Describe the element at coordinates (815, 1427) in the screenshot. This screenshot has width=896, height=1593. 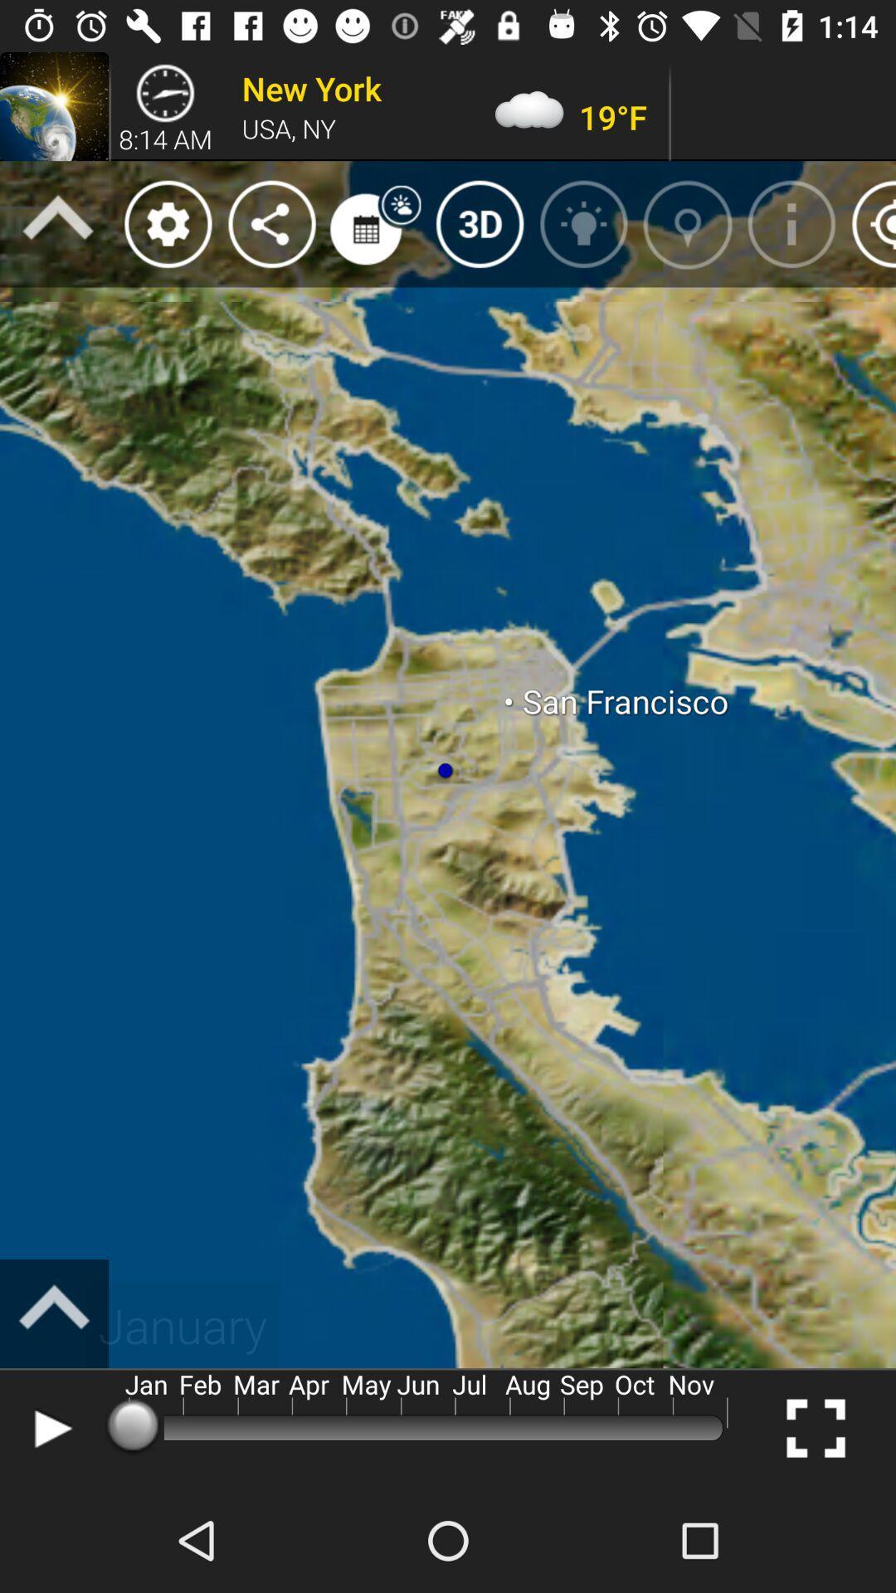
I see `the fullscreen icon` at that location.